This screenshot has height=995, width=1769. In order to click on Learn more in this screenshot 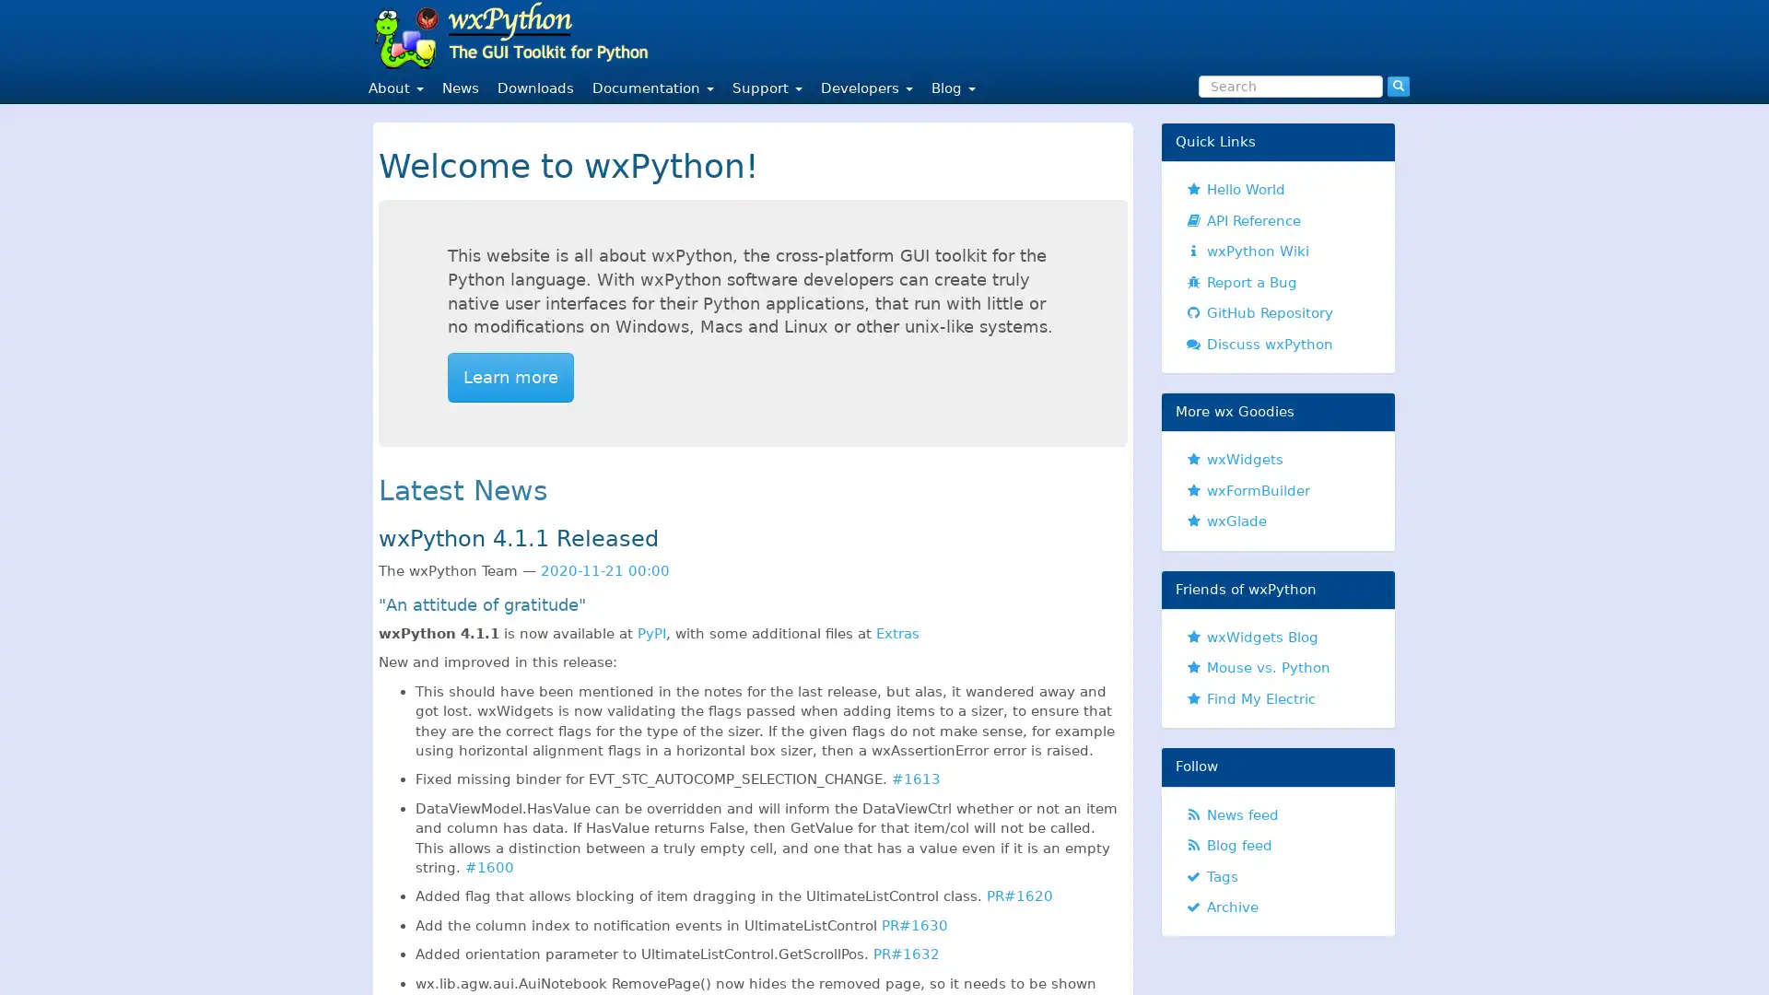, I will do `click(510, 376)`.